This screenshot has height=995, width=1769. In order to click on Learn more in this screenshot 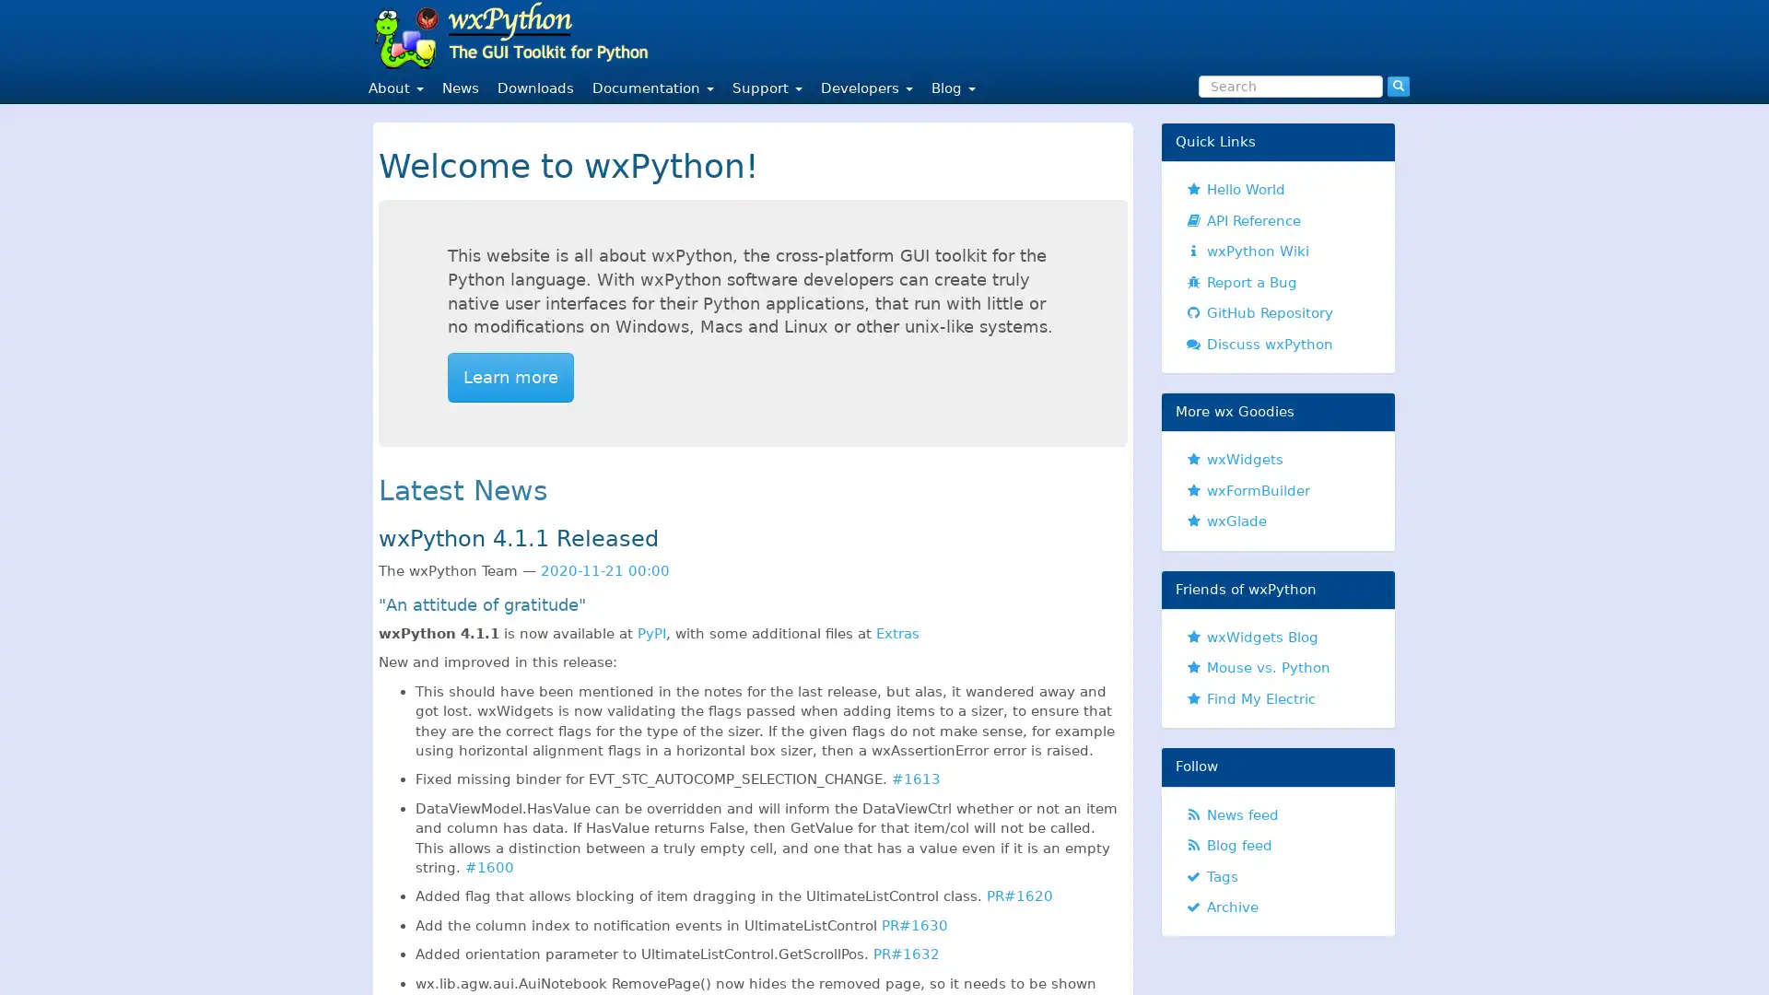, I will do `click(510, 376)`.